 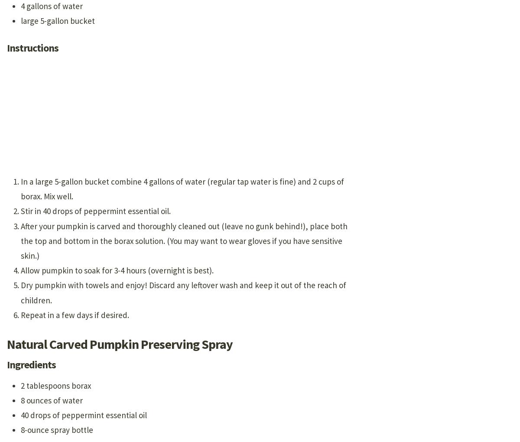 What do you see at coordinates (6, 364) in the screenshot?
I see `'Ingredients'` at bounding box center [6, 364].